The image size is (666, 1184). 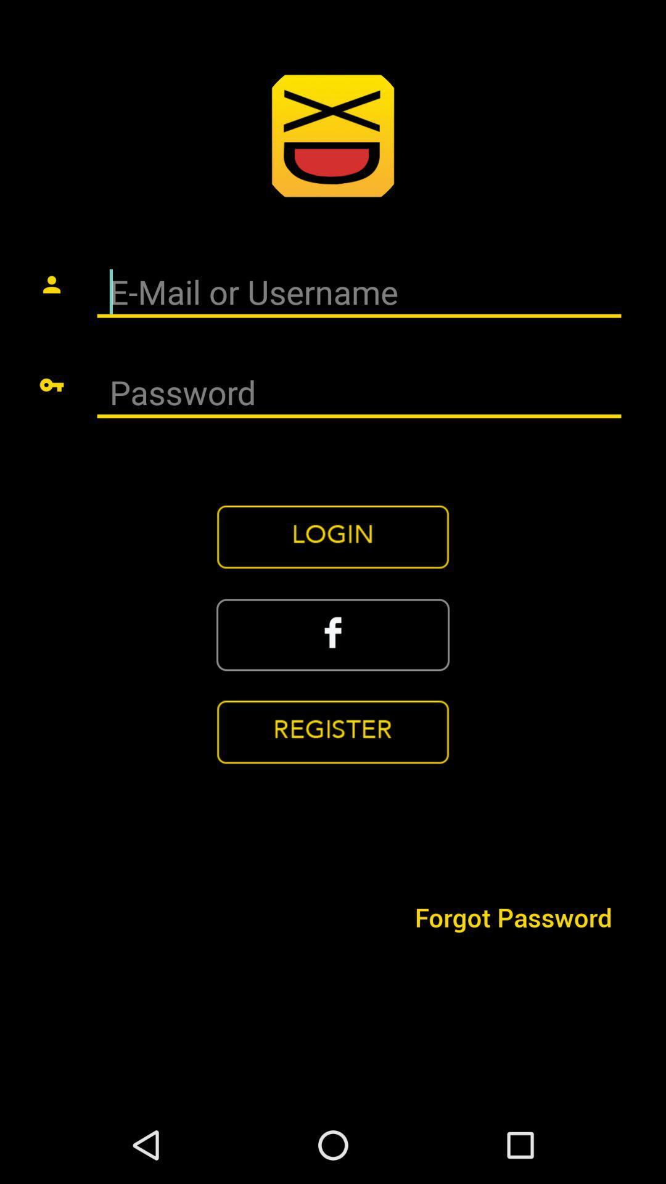 What do you see at coordinates (333, 635) in the screenshot?
I see `item above the forgot password icon` at bounding box center [333, 635].